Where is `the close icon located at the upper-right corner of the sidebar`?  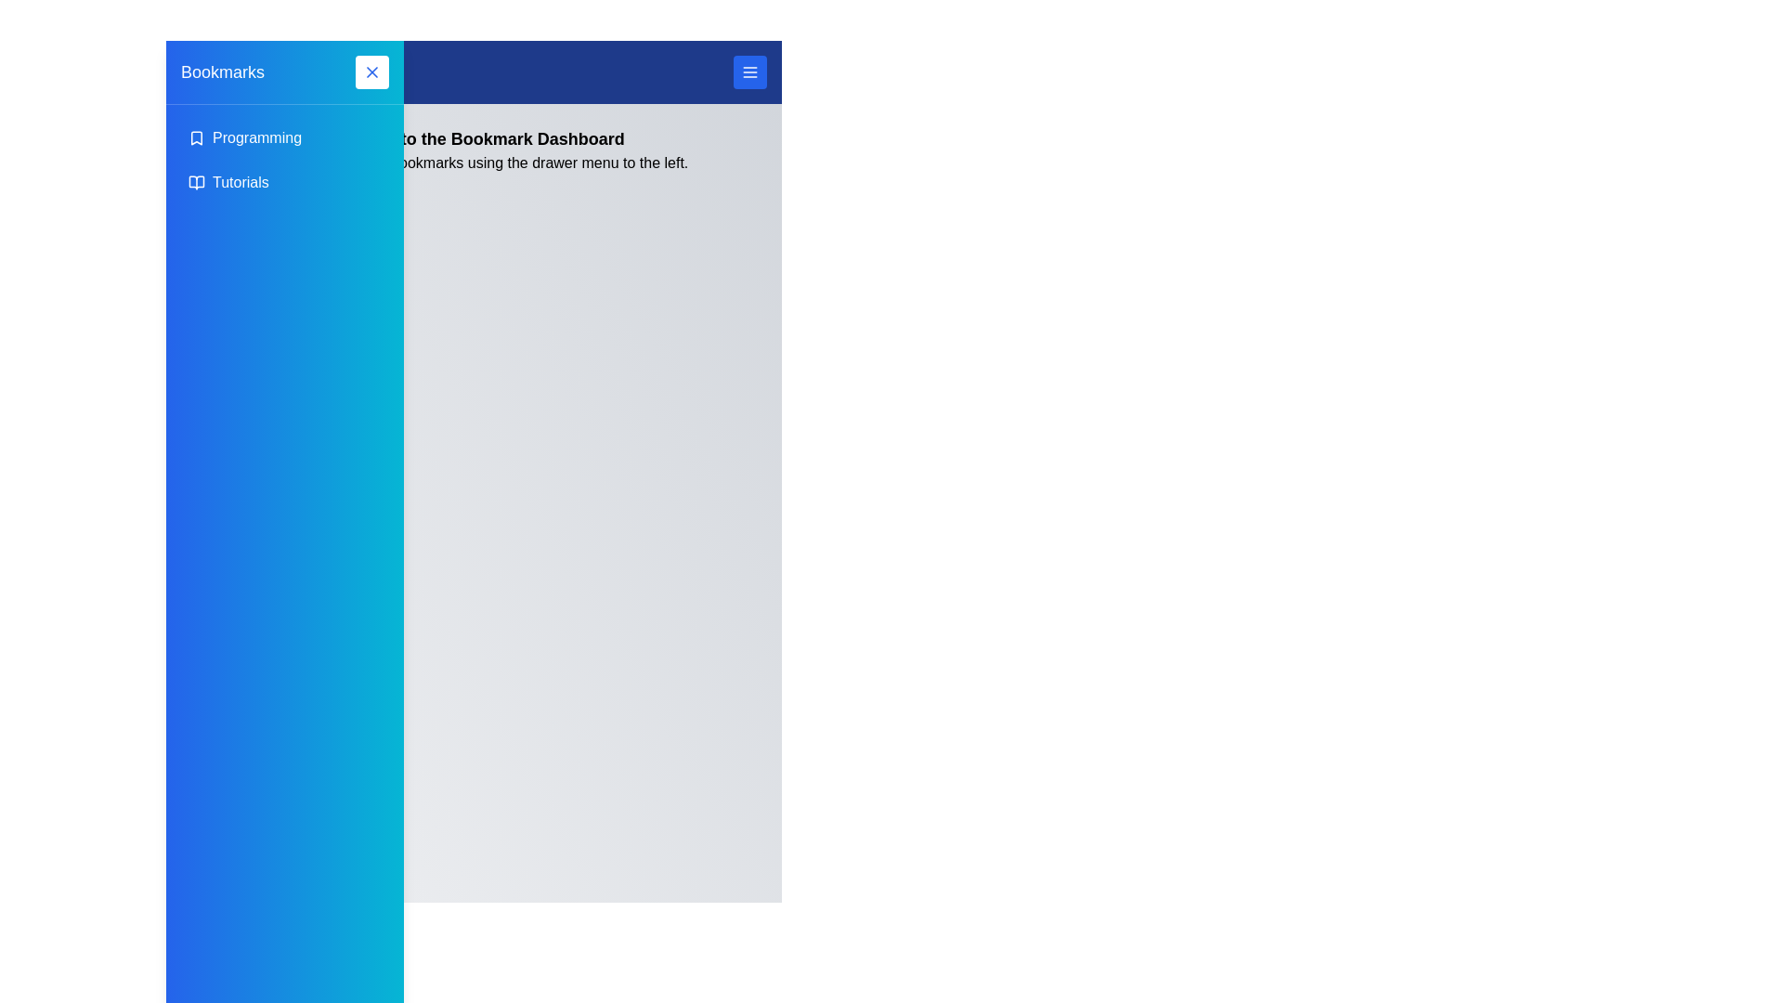 the close icon located at the upper-right corner of the sidebar is located at coordinates (371, 71).